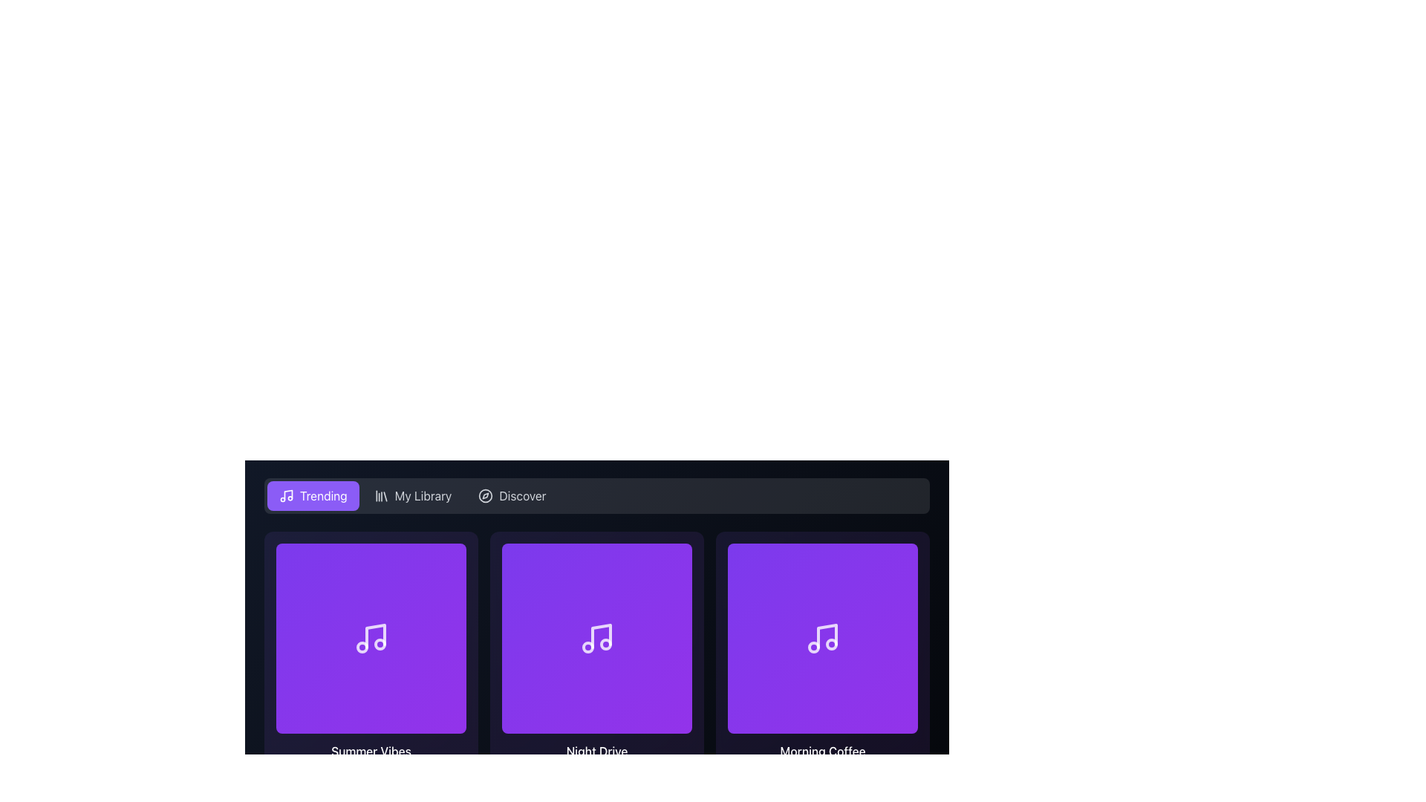  I want to click on the circular shape that represents the center of the compass design within the SVG graphic, so click(486, 495).